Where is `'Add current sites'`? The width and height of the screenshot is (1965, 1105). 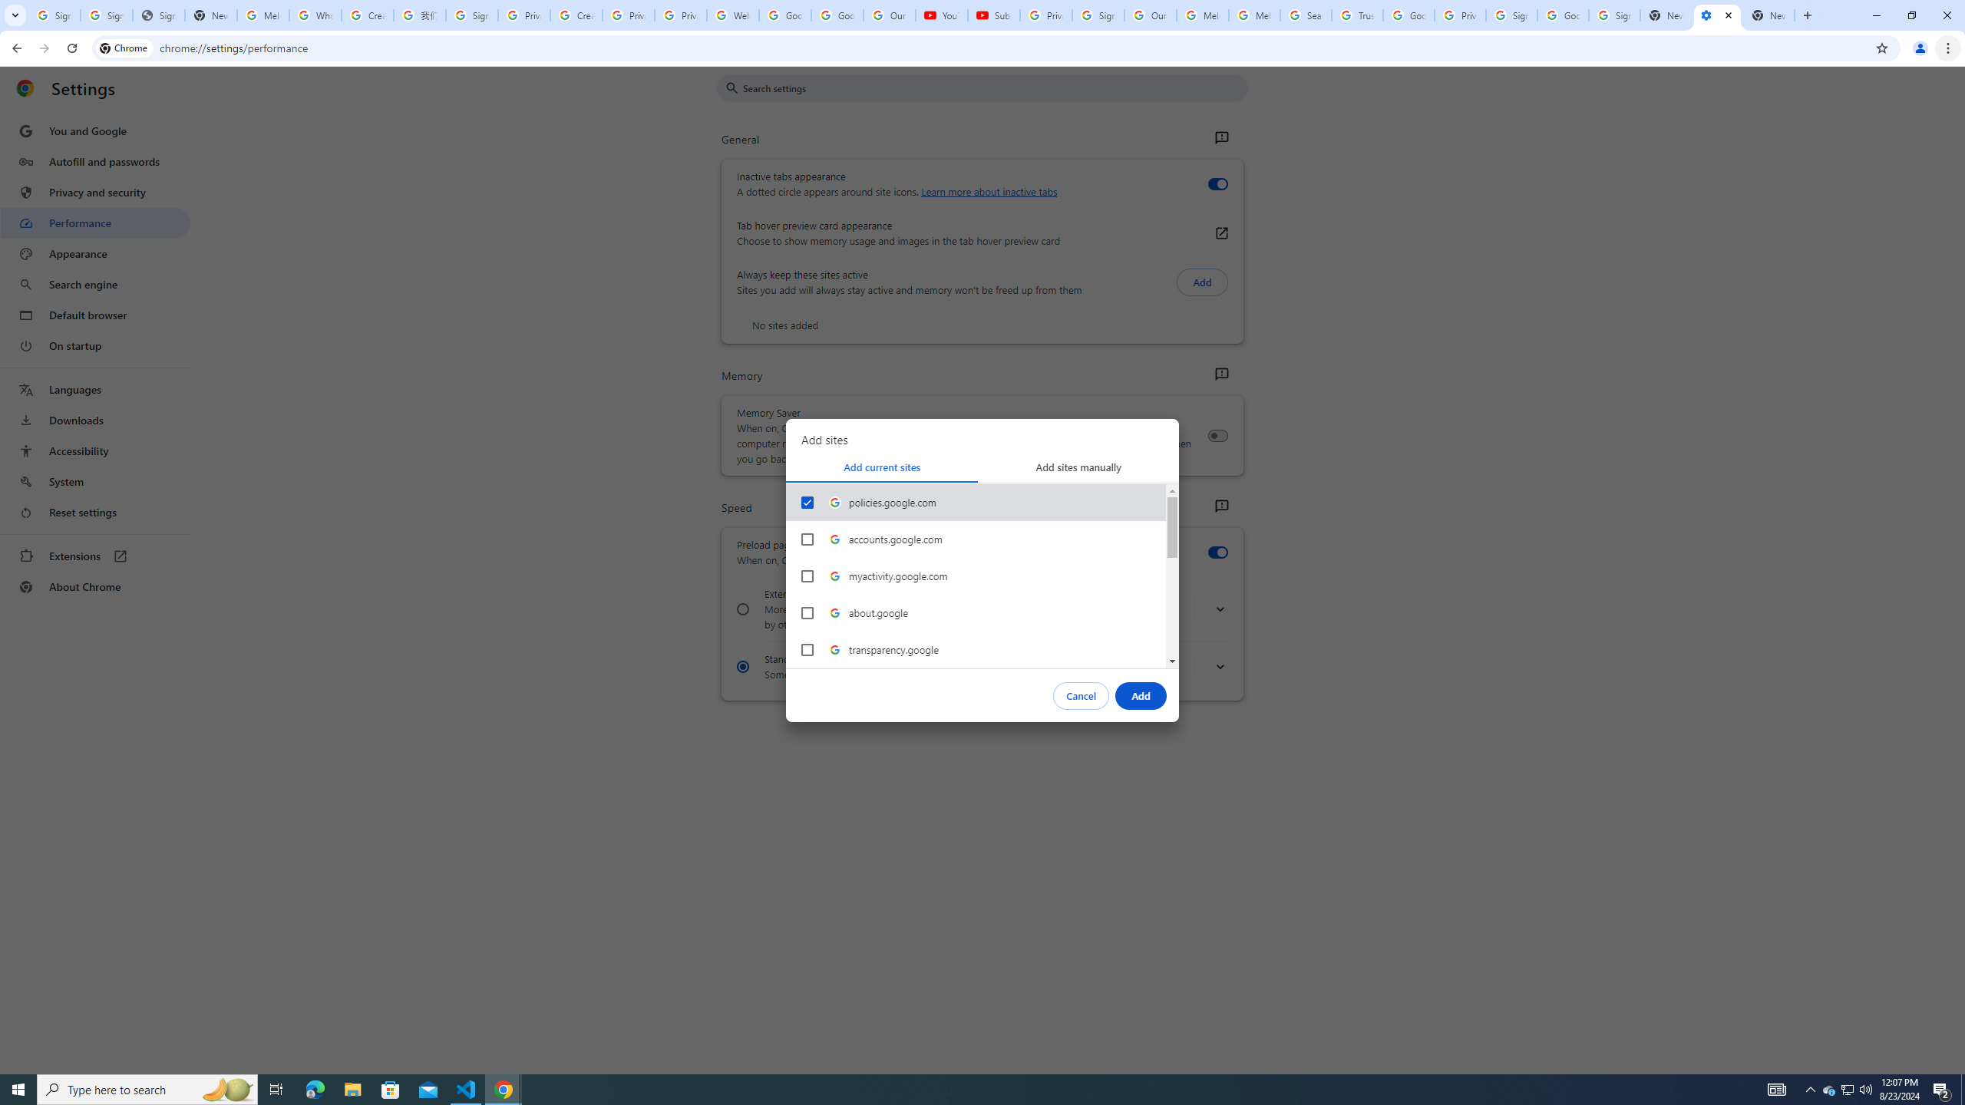
'Add current sites' is located at coordinates (882, 467).